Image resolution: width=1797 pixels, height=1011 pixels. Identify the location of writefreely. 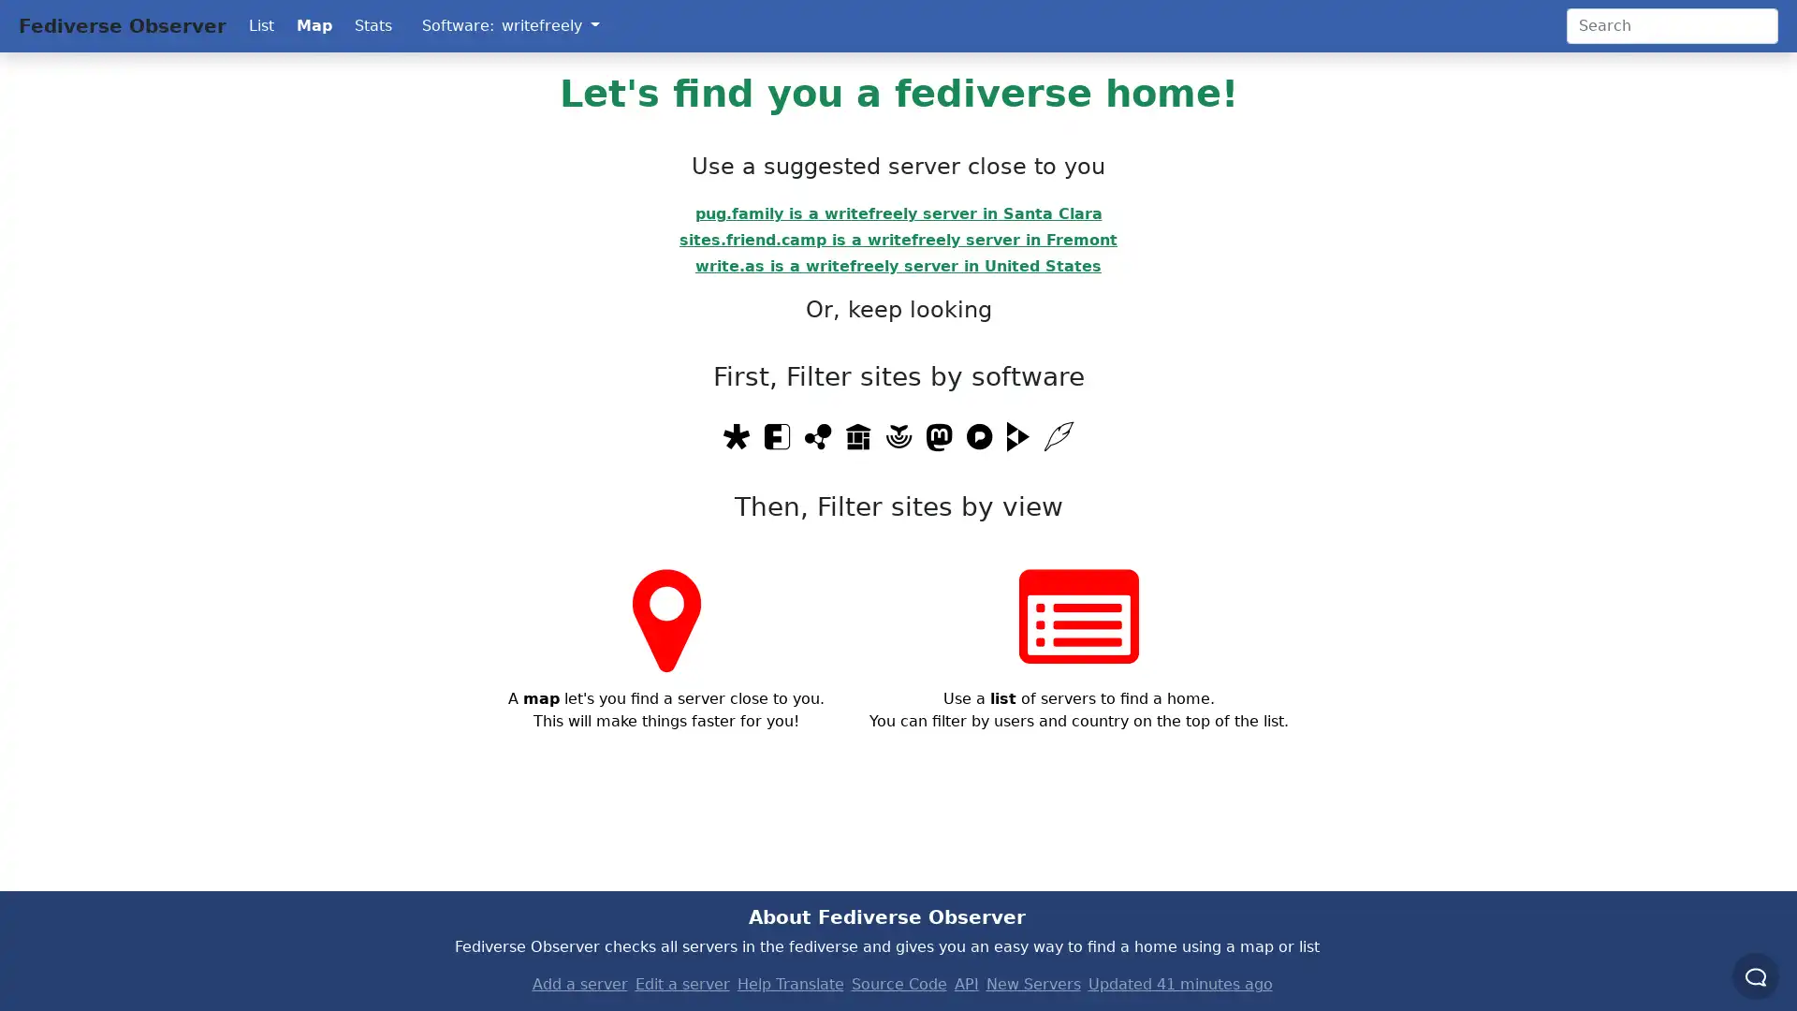
(549, 25).